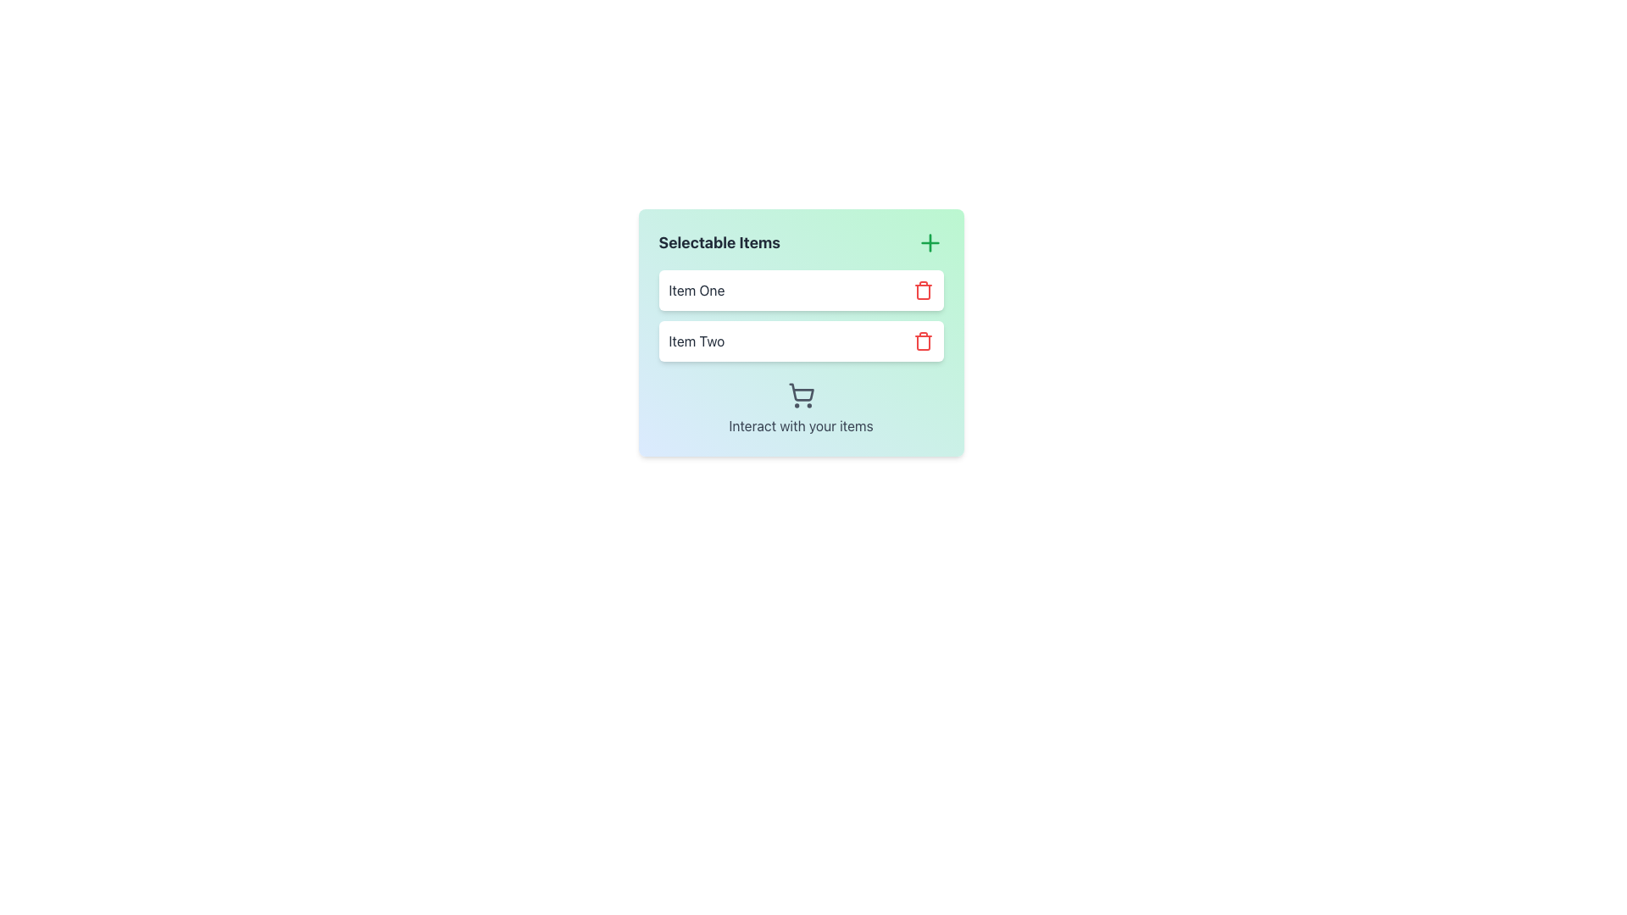 This screenshot has width=1627, height=915. What do you see at coordinates (800, 424) in the screenshot?
I see `text label located below the shopping cart icon in the panel titled 'Selectable Items'` at bounding box center [800, 424].